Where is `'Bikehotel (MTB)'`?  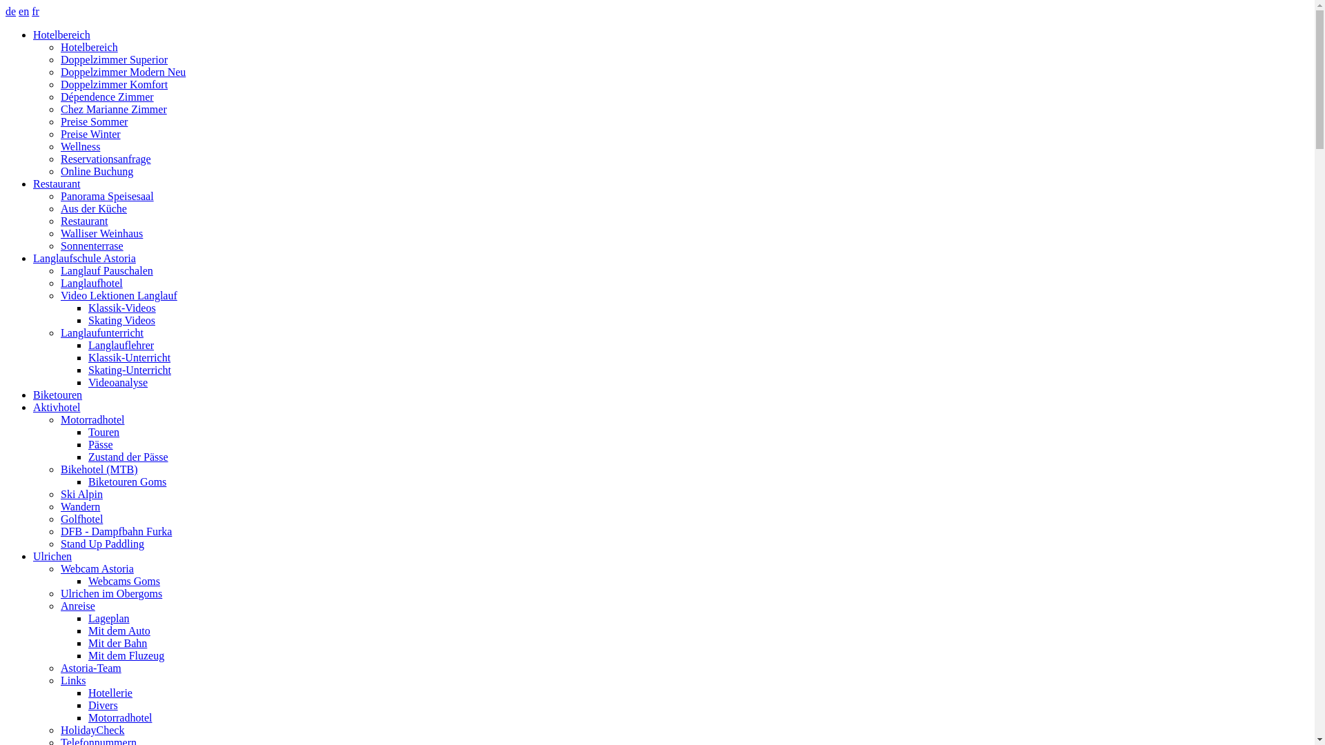
'Bikehotel (MTB)' is located at coordinates (99, 468).